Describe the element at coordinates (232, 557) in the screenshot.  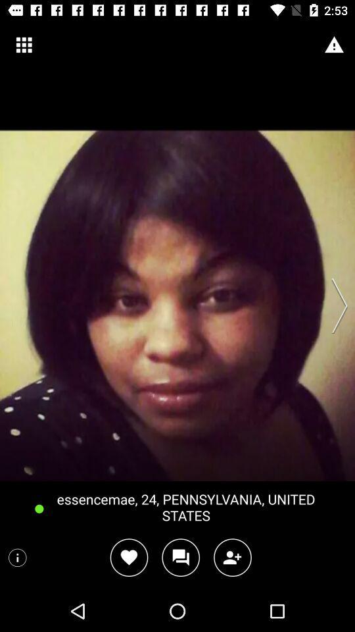
I see `contact option` at that location.